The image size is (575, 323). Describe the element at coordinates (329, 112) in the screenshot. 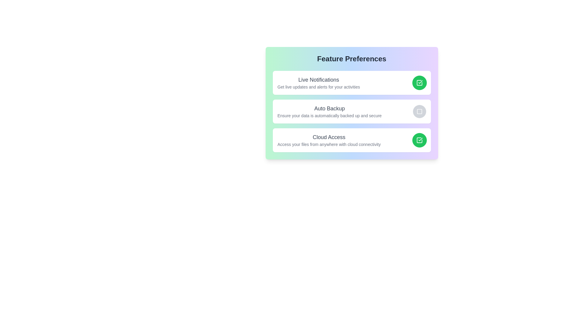

I see `the Text information block that describes the 'Auto Backup' feature, located in the second row of the 'Feature Preferences' panel, between 'Live Notifications' and 'Cloud Access'` at that location.